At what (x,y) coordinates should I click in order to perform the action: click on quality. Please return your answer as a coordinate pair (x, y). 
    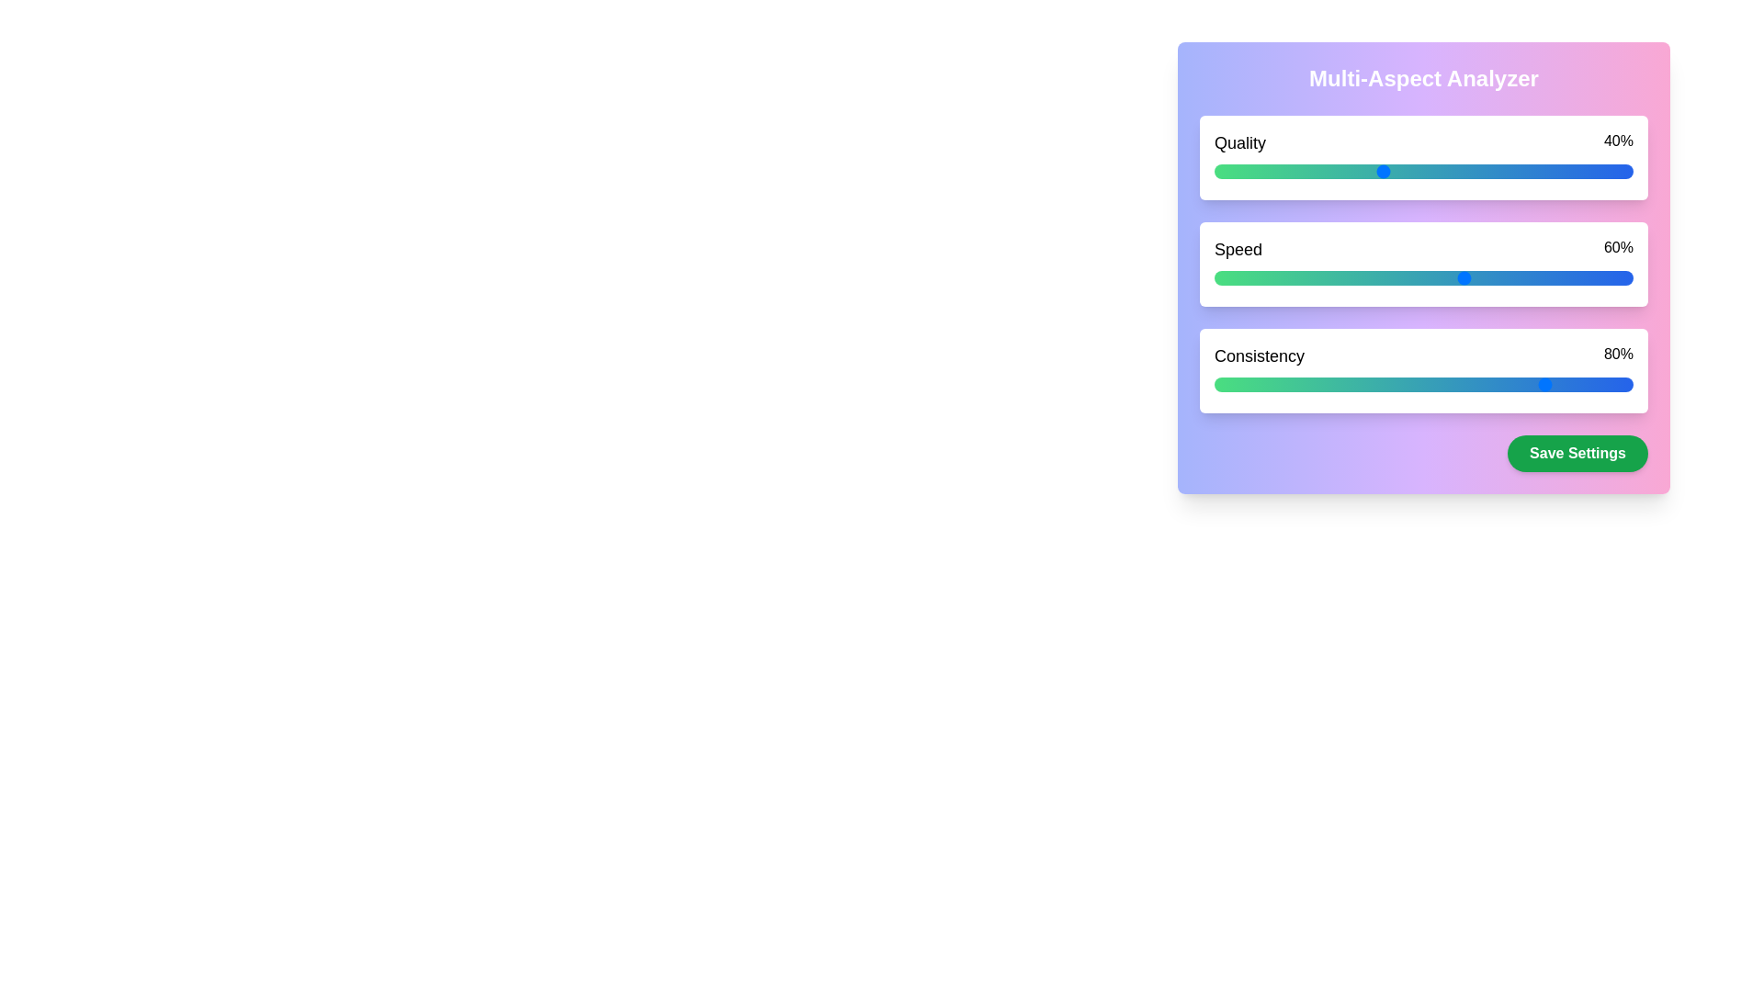
    Looking at the image, I should click on (1478, 171).